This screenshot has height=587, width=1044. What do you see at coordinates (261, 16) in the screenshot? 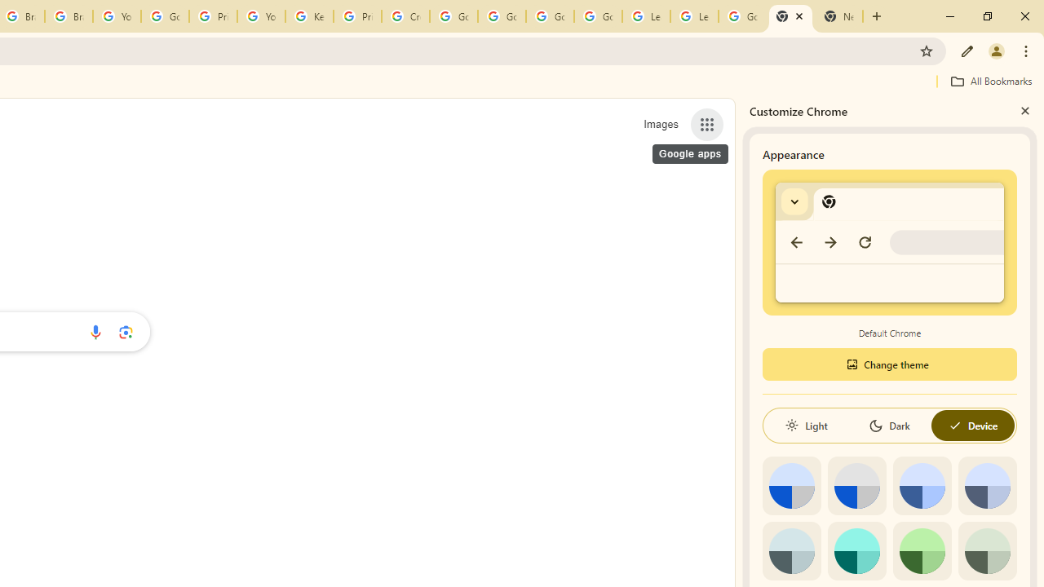
I see `'YouTube'` at bounding box center [261, 16].